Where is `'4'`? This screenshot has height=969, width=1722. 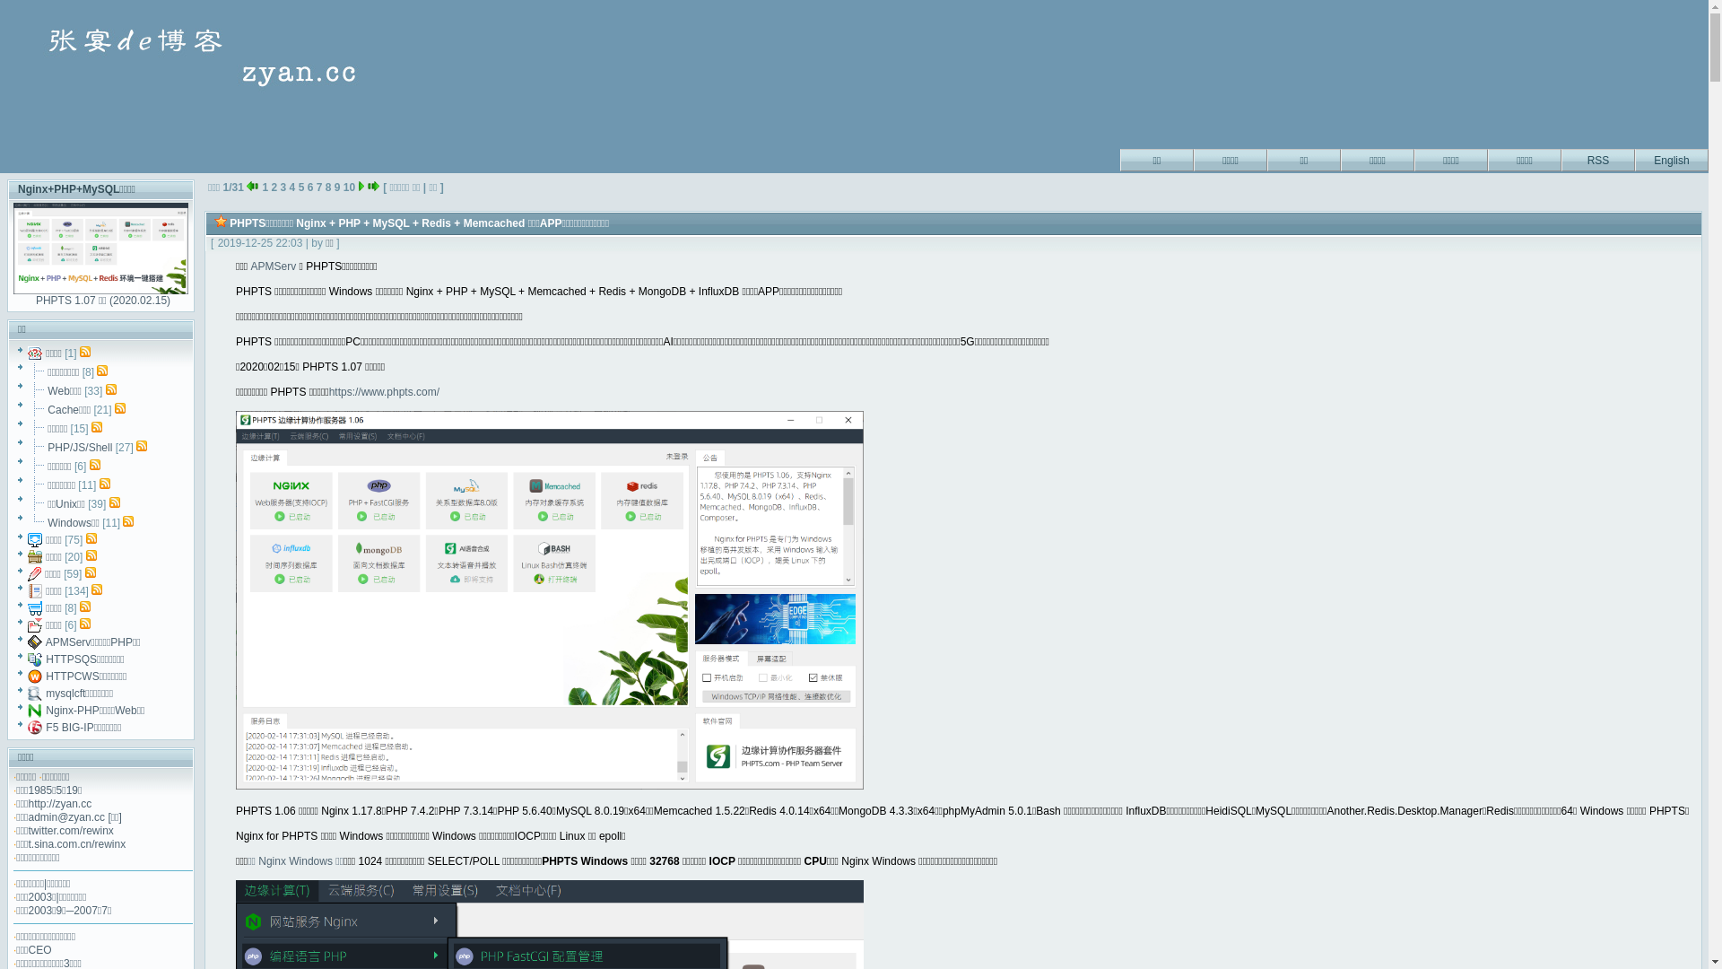 '4' is located at coordinates (292, 187).